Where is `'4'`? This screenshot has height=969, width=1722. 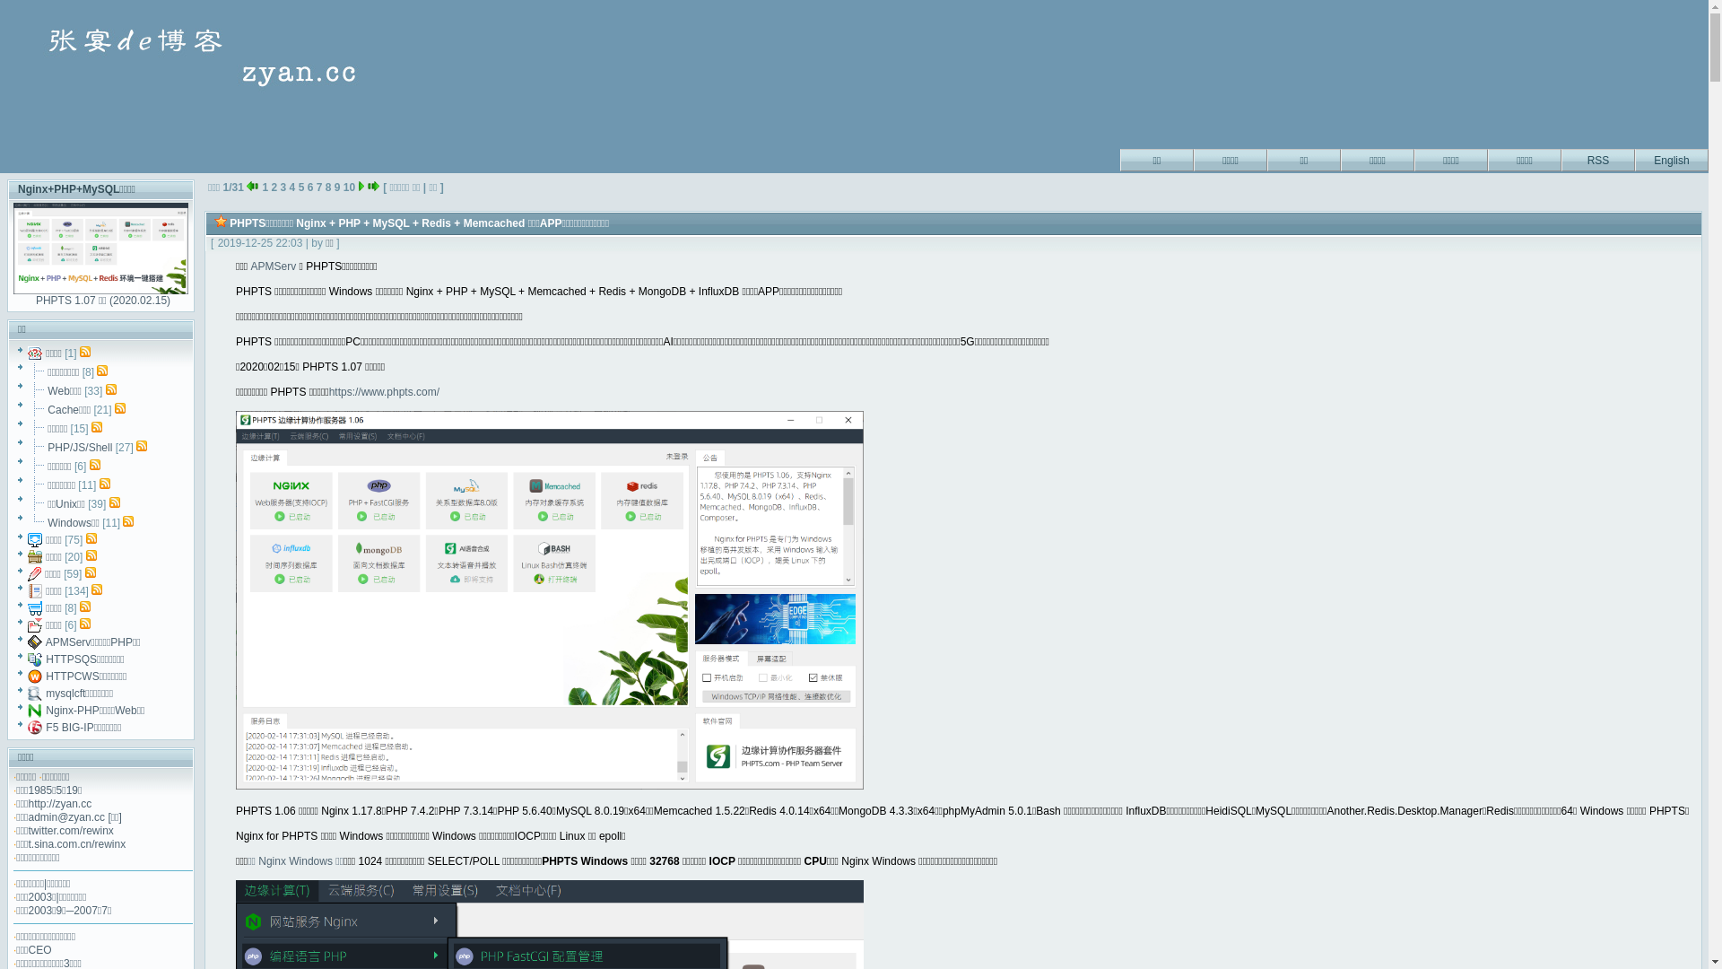 '4' is located at coordinates (292, 187).